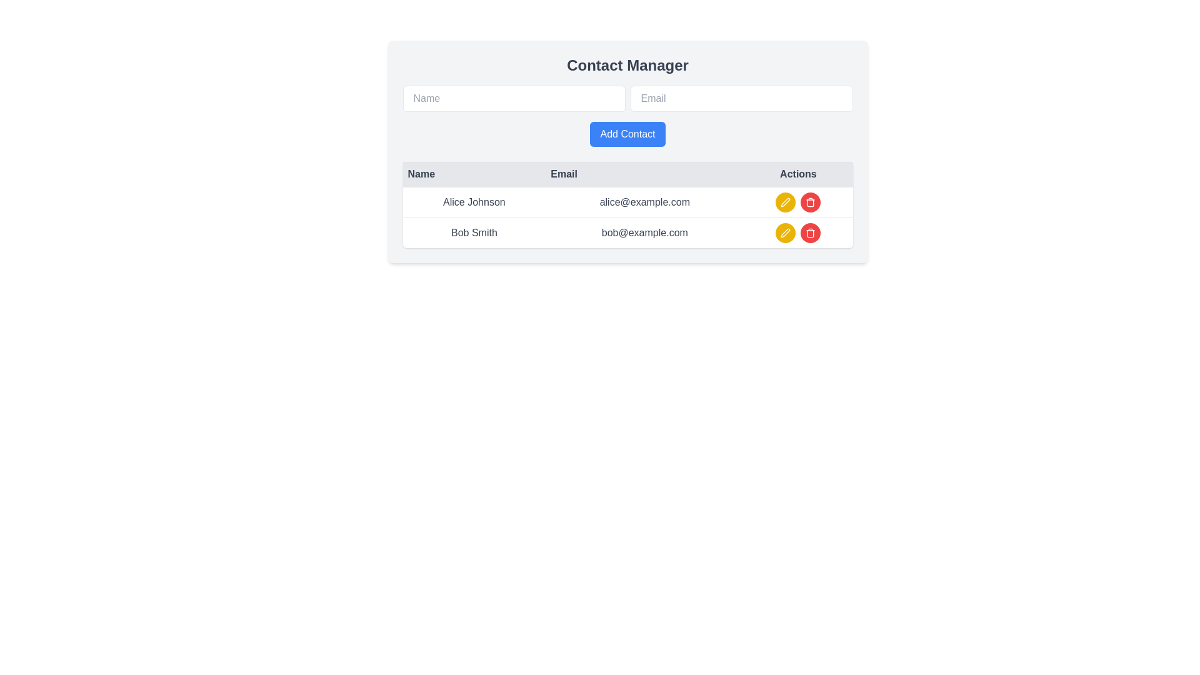 The height and width of the screenshot is (675, 1200). What do you see at coordinates (627, 134) in the screenshot?
I see `the 'Add Contact' button located beneath the 'Name' and 'Email' input fields to observe the background color change` at bounding box center [627, 134].